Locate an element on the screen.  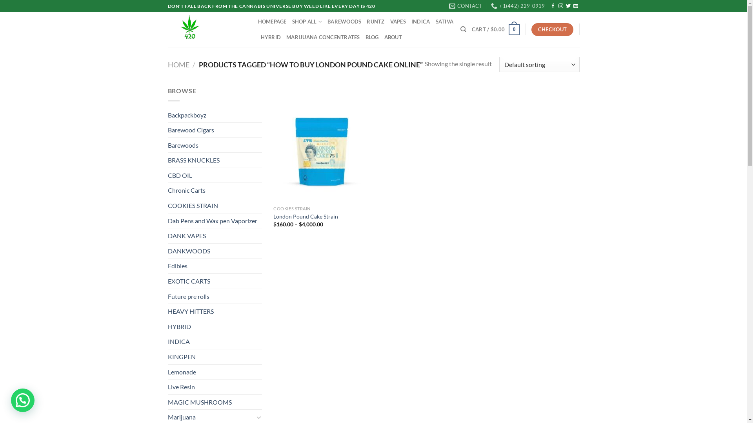
'Future pre rolls' is located at coordinates (215, 296).